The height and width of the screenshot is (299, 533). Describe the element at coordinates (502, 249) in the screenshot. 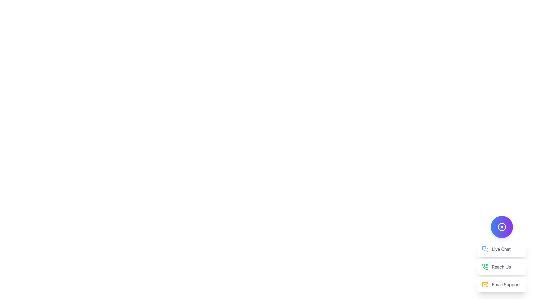

I see `the first button in the vertical list located at the bottom-right corner of the interface to initiate a live chat session` at that location.